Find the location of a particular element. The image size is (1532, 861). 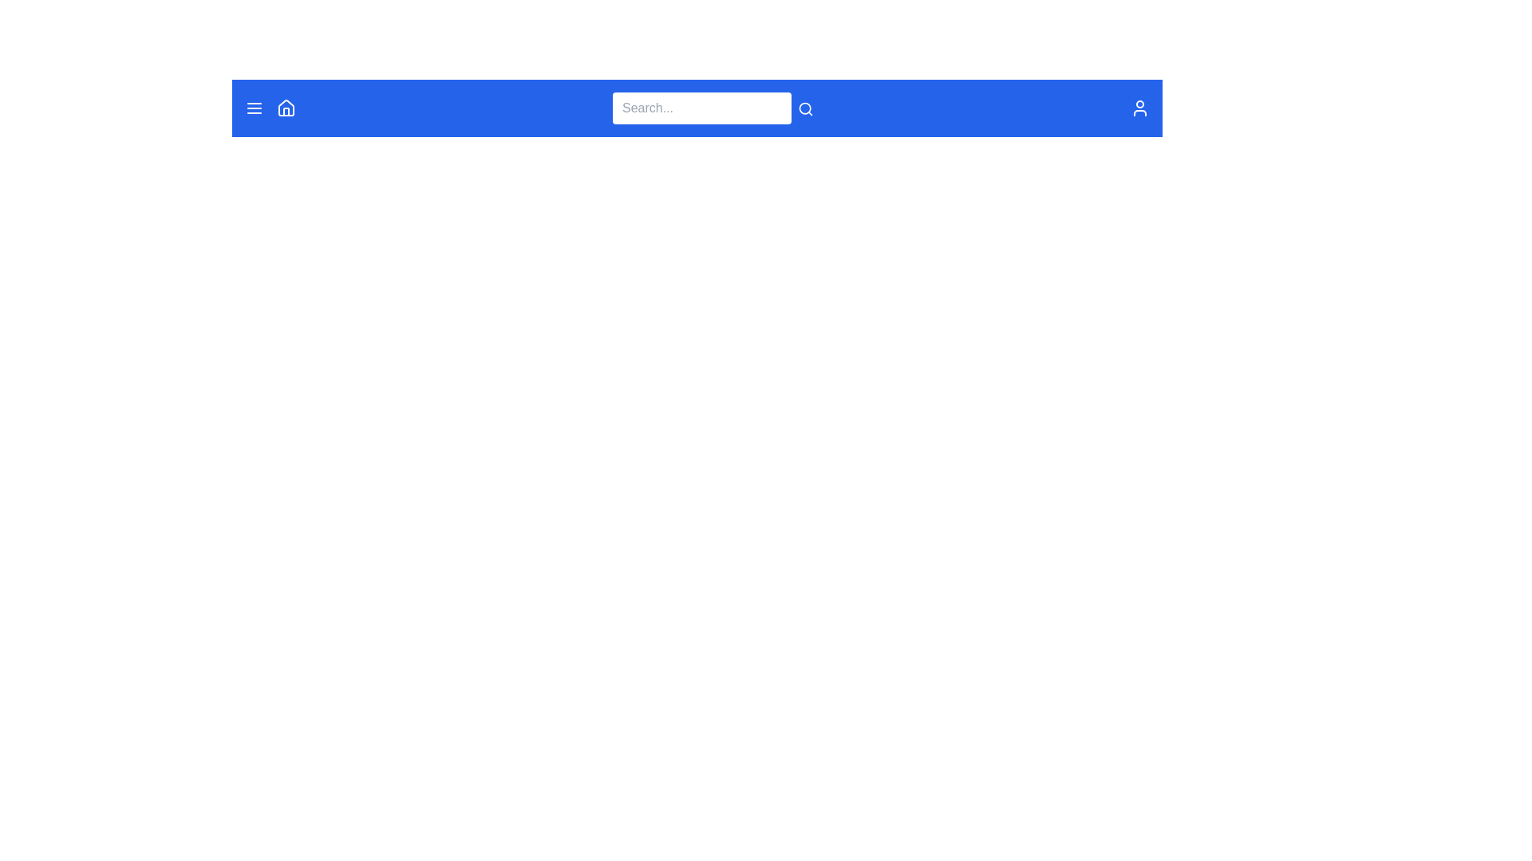

the menu icon, which consists of three horizontal lines in white over a blue background, located on the leftmost side of the top navigation bar is located at coordinates (253, 108).